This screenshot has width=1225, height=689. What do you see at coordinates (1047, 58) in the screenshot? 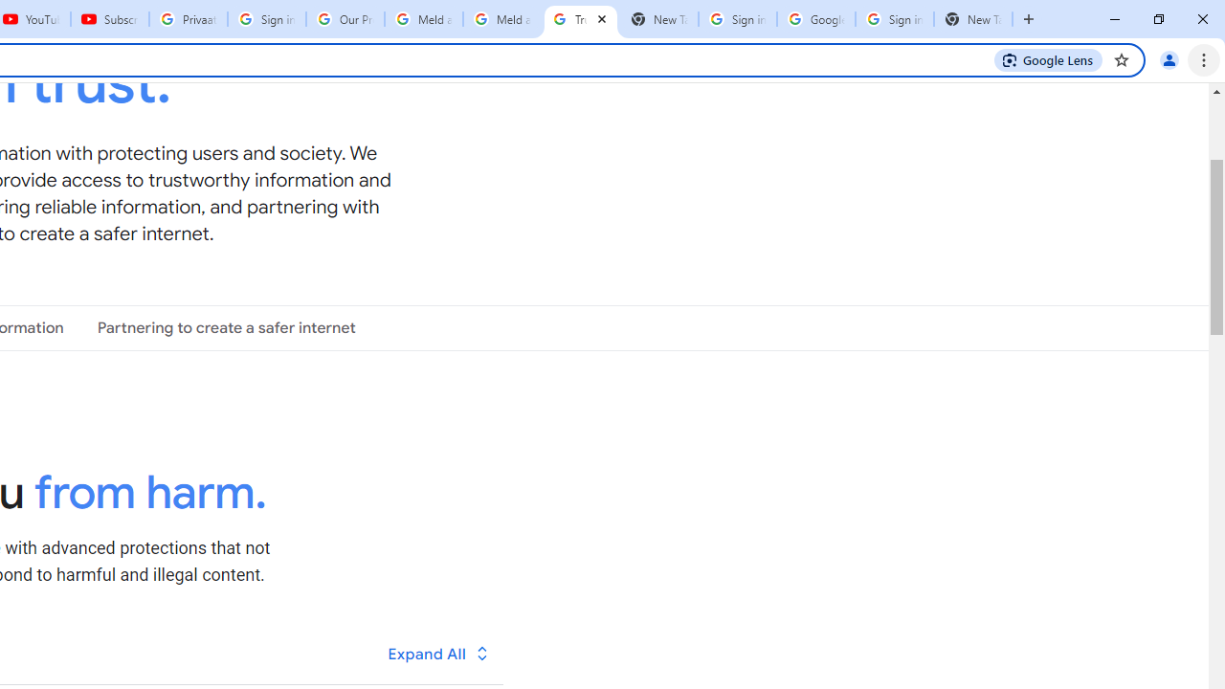
I see `'Search with Google Lens'` at bounding box center [1047, 58].